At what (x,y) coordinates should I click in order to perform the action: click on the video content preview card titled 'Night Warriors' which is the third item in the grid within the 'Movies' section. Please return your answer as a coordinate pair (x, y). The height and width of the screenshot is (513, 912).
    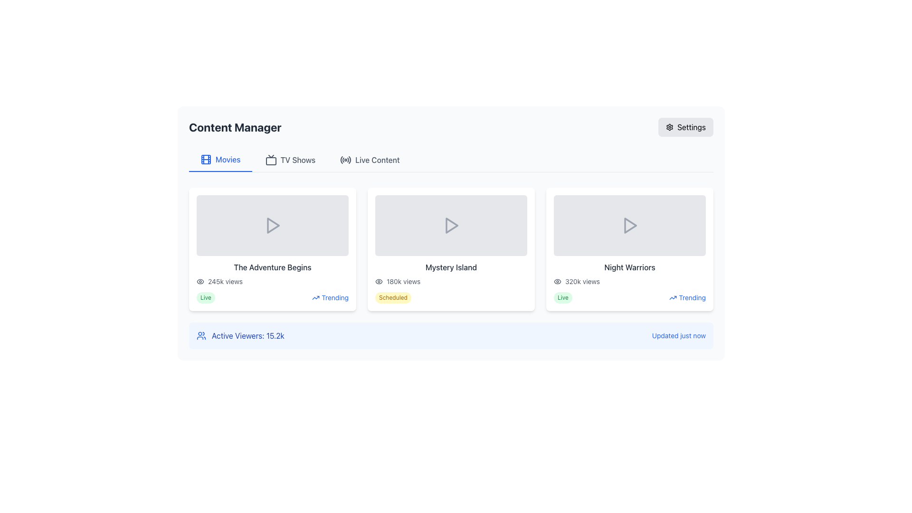
    Looking at the image, I should click on (629, 248).